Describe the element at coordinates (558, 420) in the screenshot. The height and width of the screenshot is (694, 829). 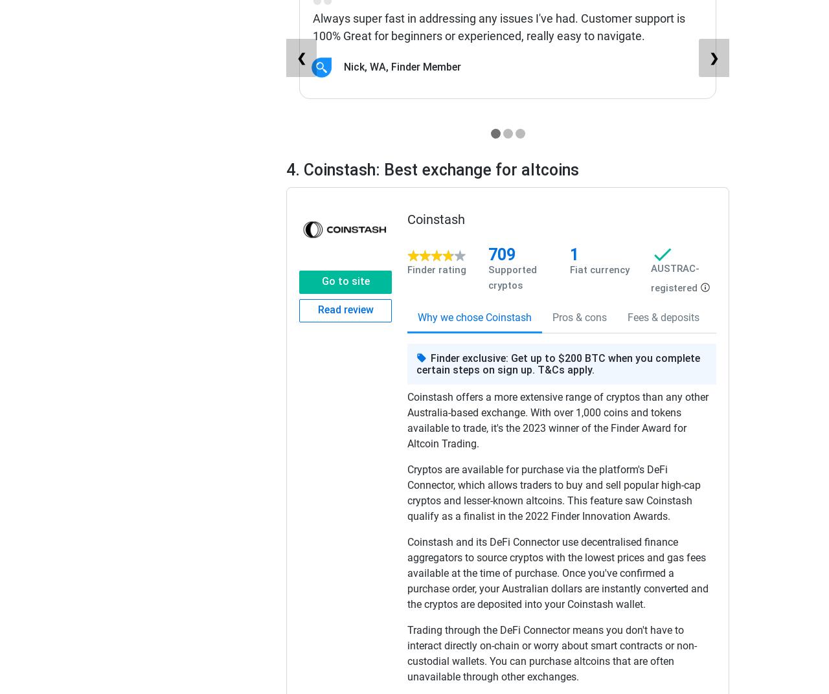
I see `'Coinstash offers a more extensive range of cryptos than any other Australia-based exchange. With over 1,000 coins and tokens available to trade, it's the 2023 winner of the Finder Award for Altcoin Trading.'` at that location.